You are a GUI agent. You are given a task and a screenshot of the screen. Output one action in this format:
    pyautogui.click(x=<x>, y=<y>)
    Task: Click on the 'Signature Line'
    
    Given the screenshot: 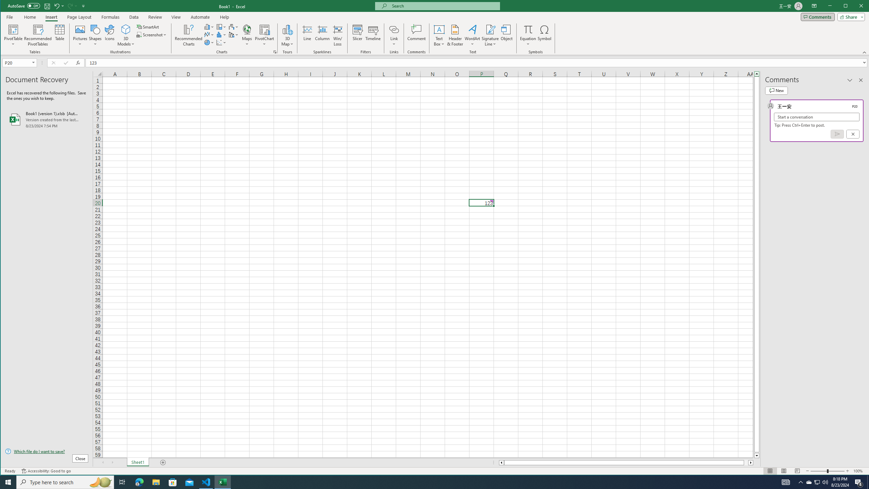 What is the action you would take?
    pyautogui.click(x=490, y=29)
    